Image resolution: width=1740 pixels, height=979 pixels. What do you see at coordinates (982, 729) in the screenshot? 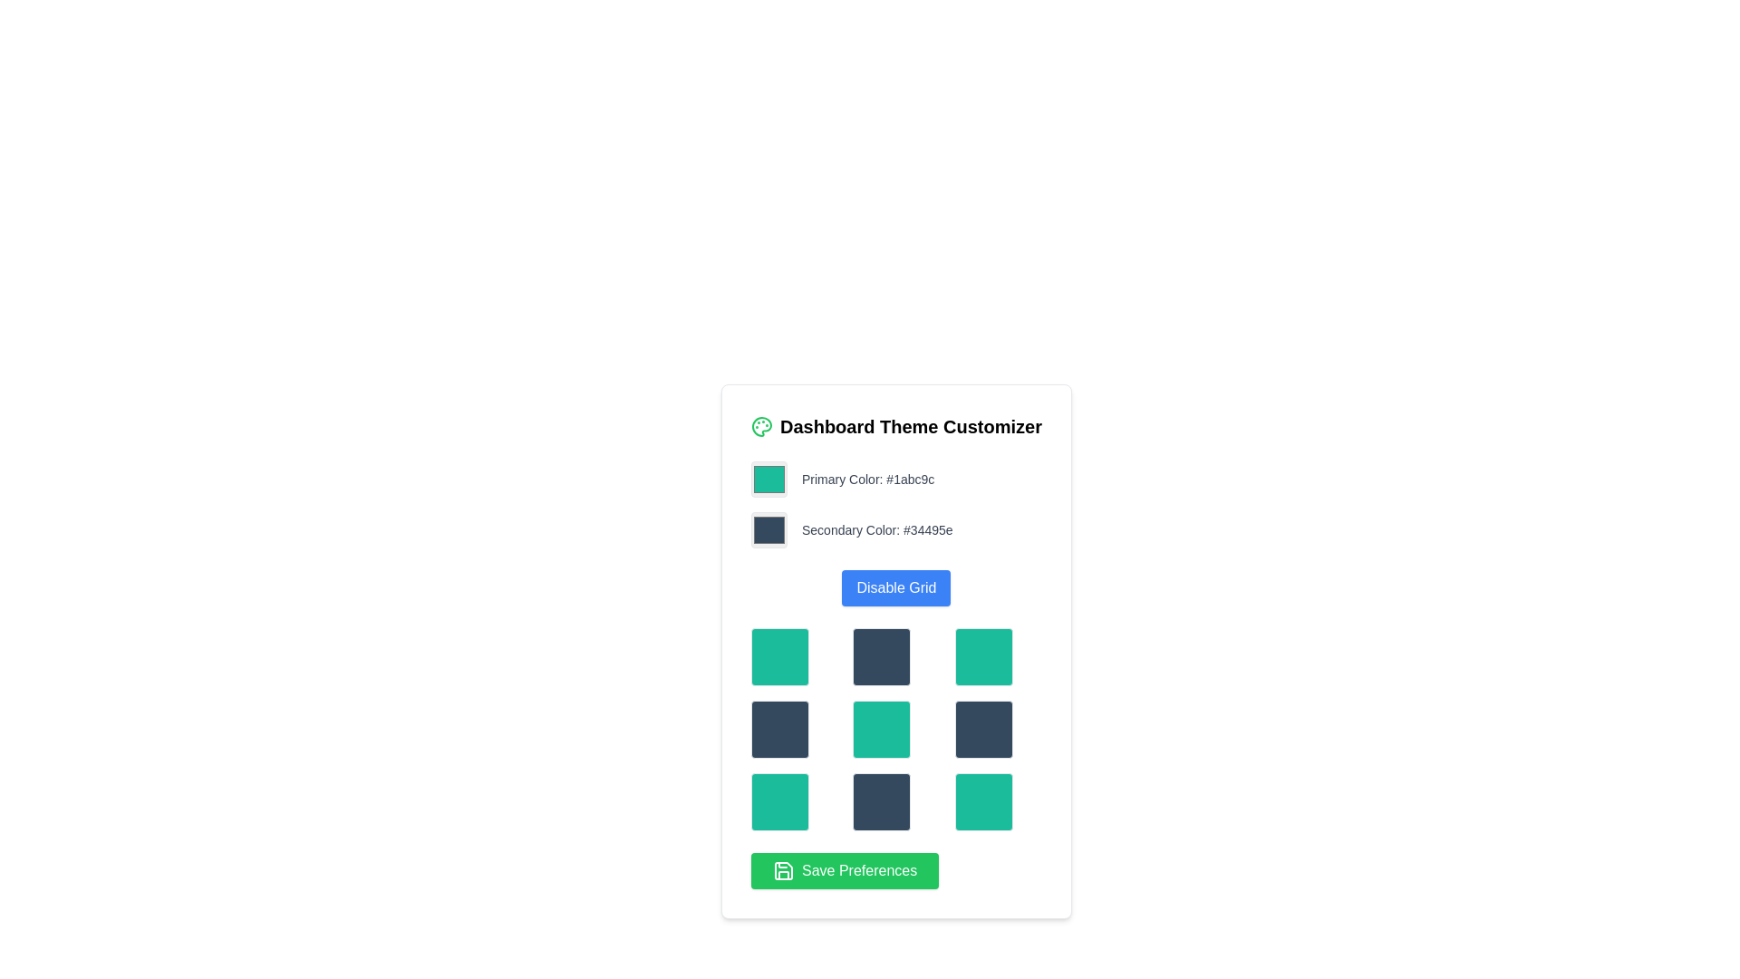
I see `the sixth selectable grid cell in the 3x3 color selection grid` at bounding box center [982, 729].